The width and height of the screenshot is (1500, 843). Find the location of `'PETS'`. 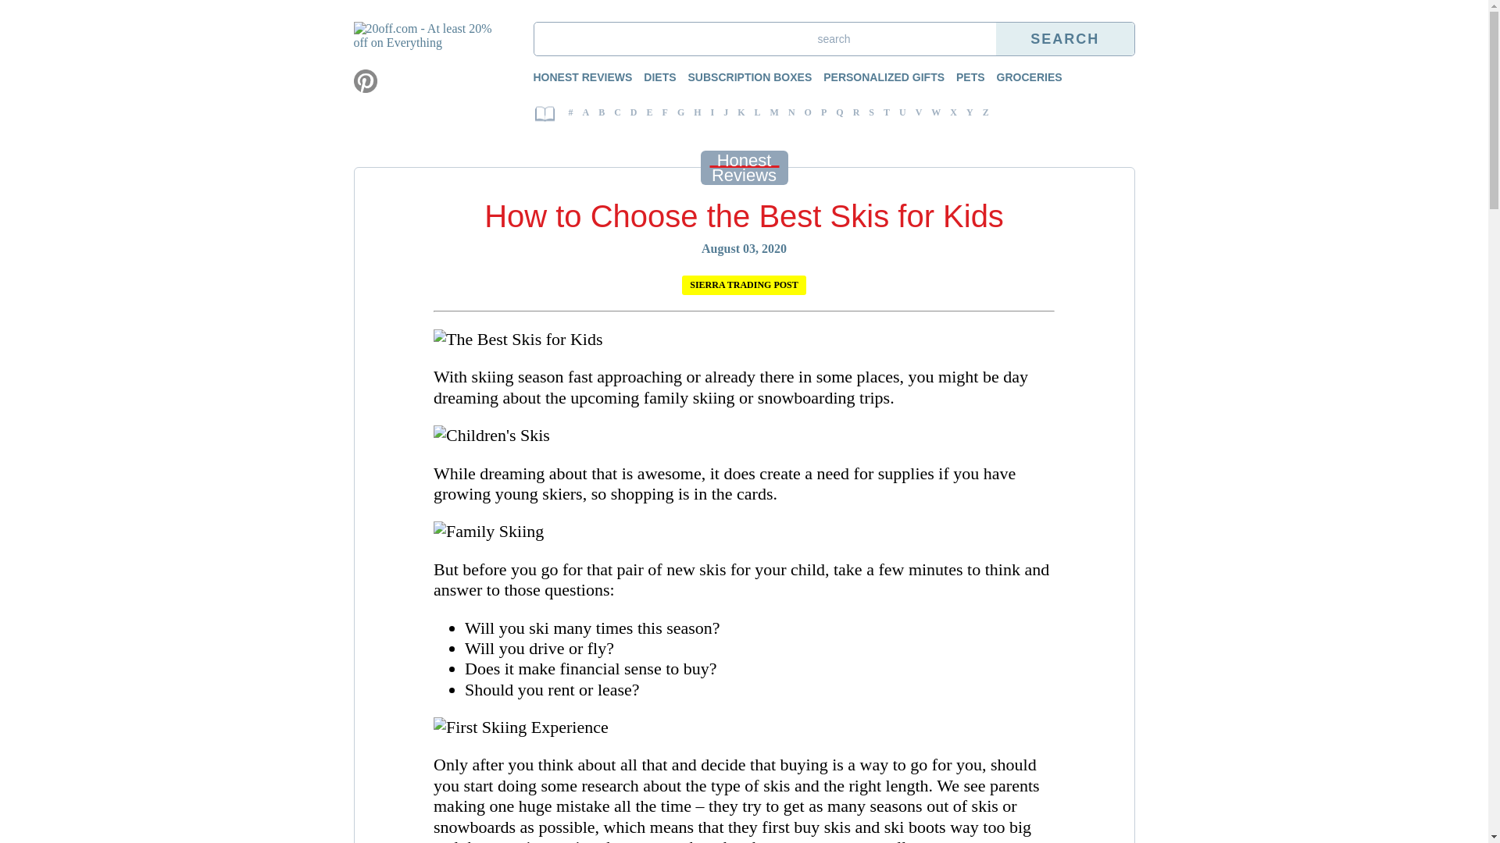

'PETS' is located at coordinates (962, 75).